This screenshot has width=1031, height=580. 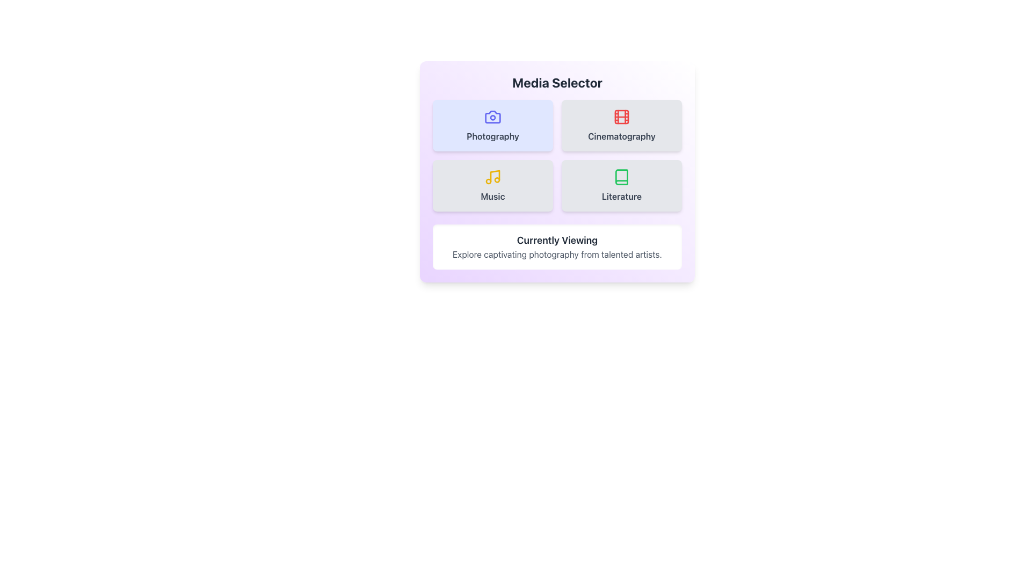 What do you see at coordinates (557, 240) in the screenshot?
I see `the bold, large-sized text label that reads 'Currently Viewing', which is dark gray and located below a grid of media buttons` at bounding box center [557, 240].